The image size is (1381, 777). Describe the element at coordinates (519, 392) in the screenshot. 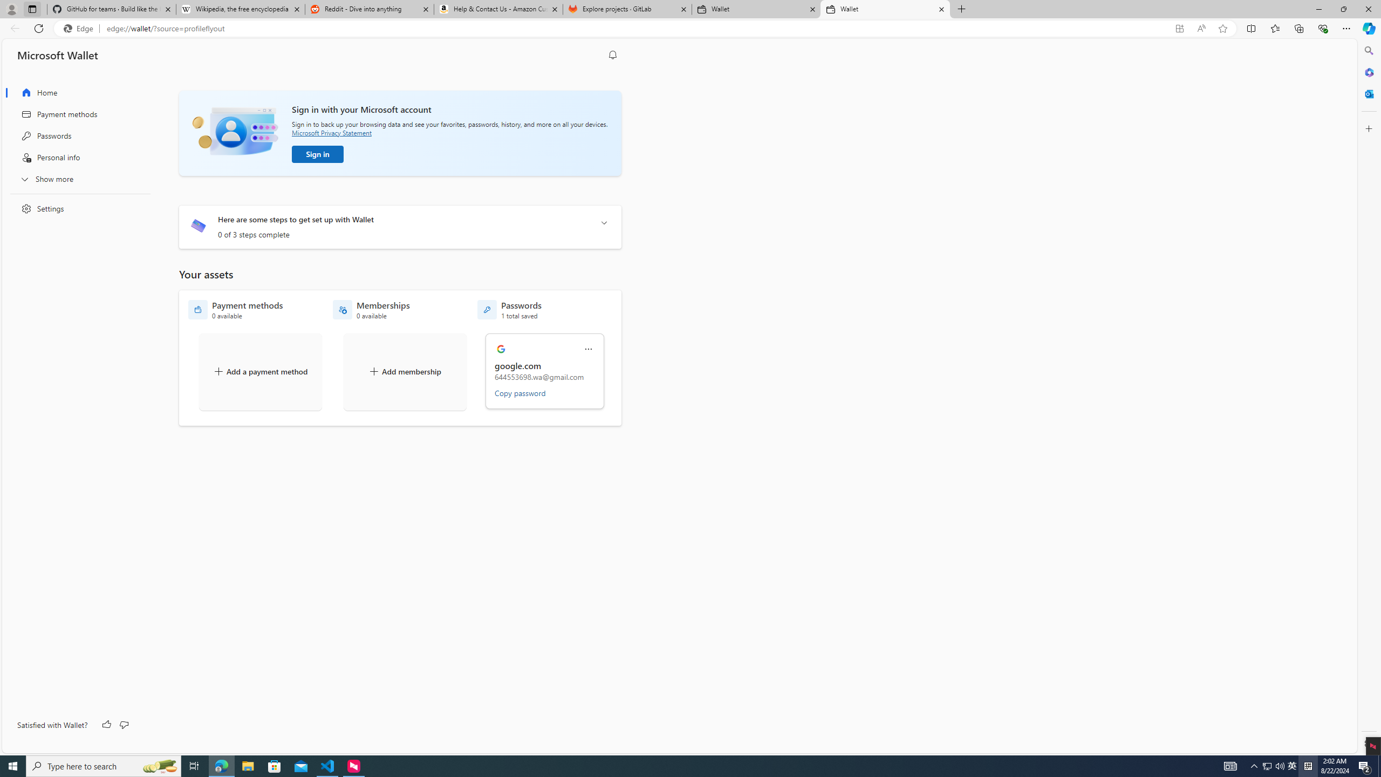

I see `'Copy password'` at that location.